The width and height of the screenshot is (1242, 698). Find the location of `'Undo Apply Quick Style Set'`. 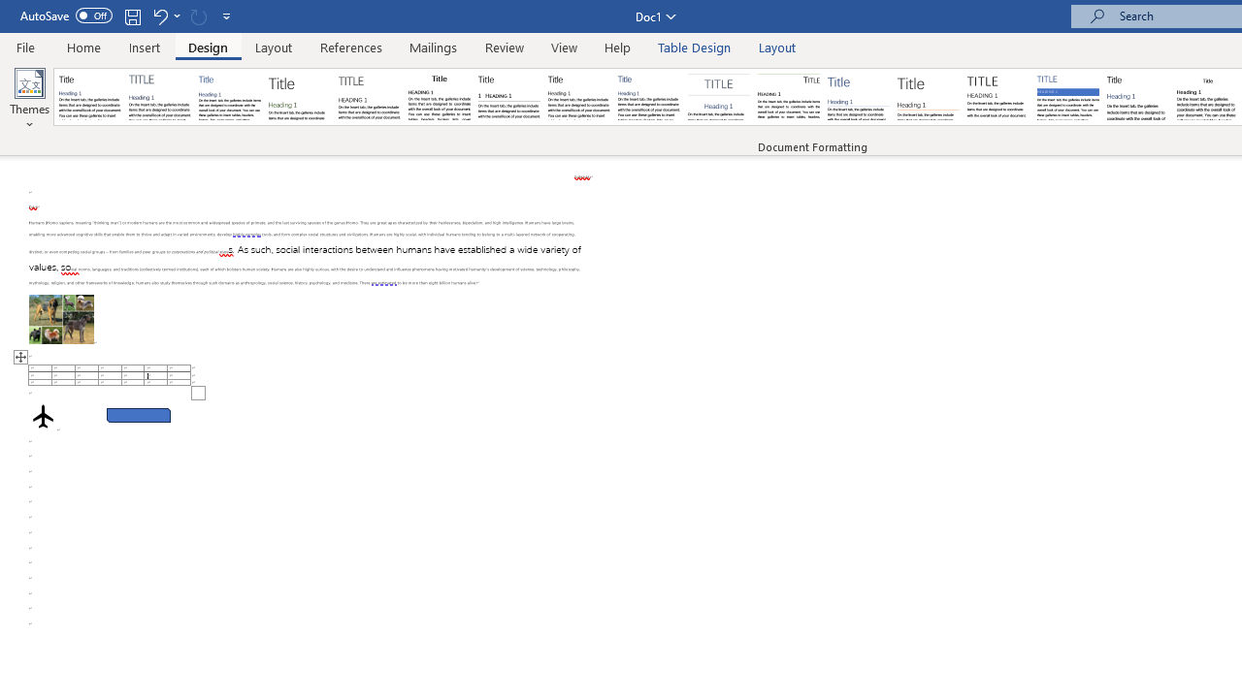

'Undo Apply Quick Style Set' is located at coordinates (165, 16).